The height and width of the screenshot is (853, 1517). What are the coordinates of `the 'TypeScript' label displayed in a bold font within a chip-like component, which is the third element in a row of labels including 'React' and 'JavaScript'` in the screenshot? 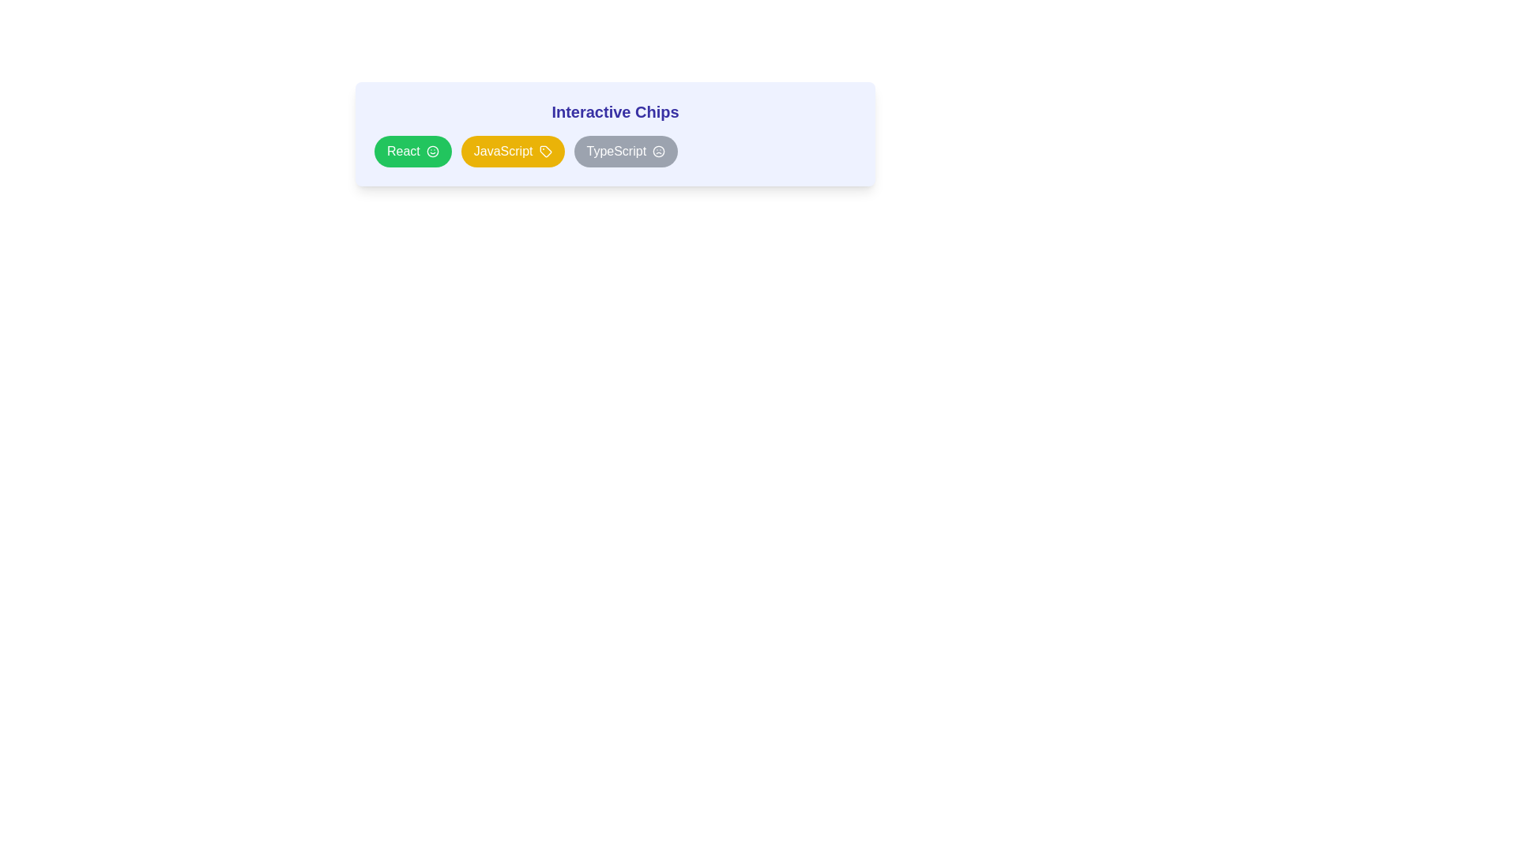 It's located at (615, 152).